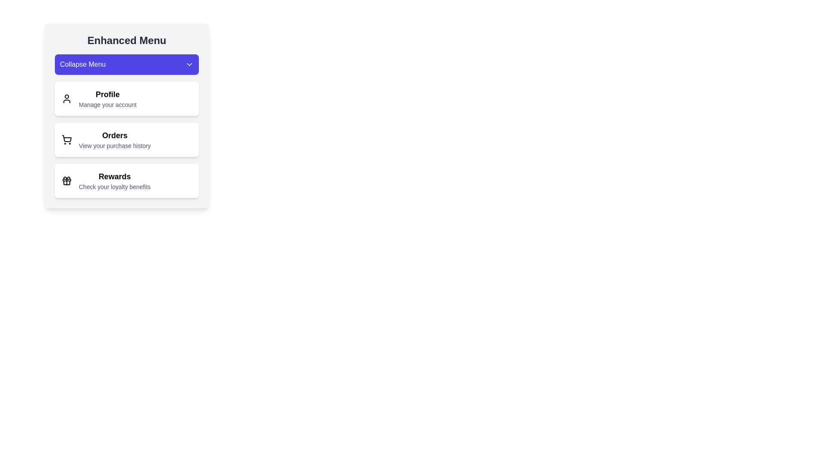 This screenshot has height=462, width=823. Describe the element at coordinates (126, 115) in the screenshot. I see `the 'Profile' card within the 'Enhanced Menu' section` at that location.